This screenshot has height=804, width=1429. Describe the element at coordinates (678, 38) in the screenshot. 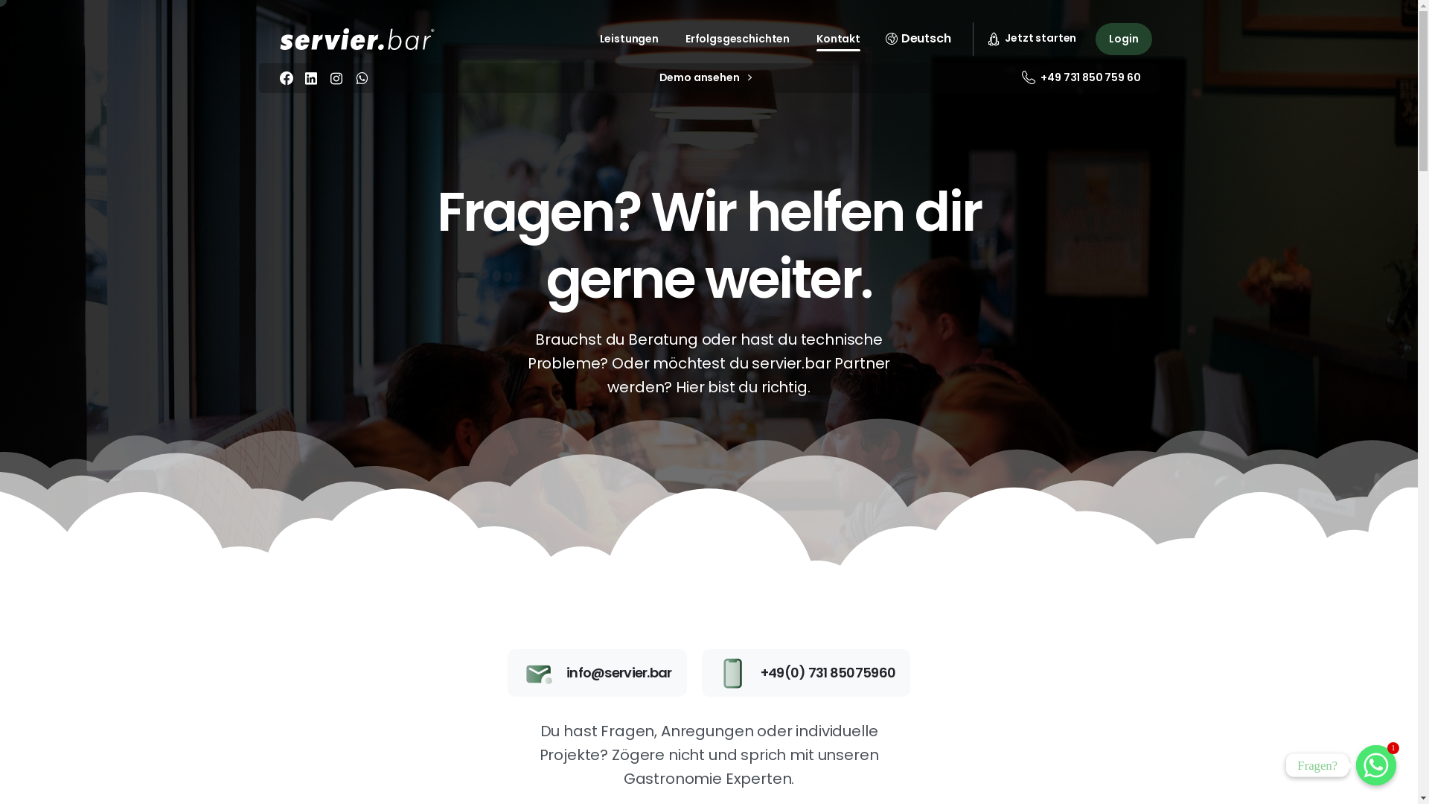

I see `'Erfolgsgeschichten'` at that location.